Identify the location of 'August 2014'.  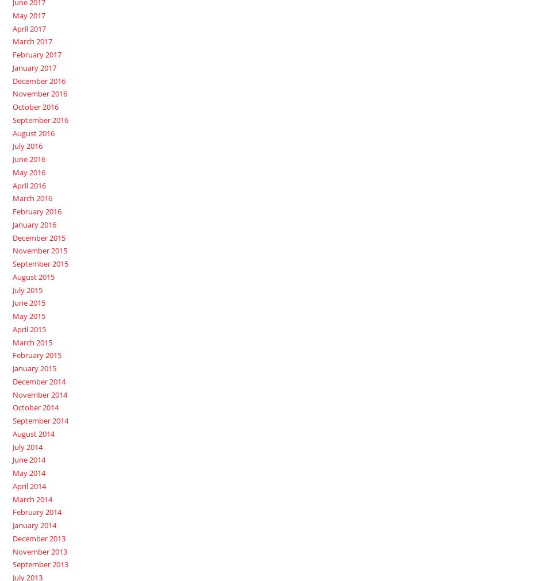
(33, 433).